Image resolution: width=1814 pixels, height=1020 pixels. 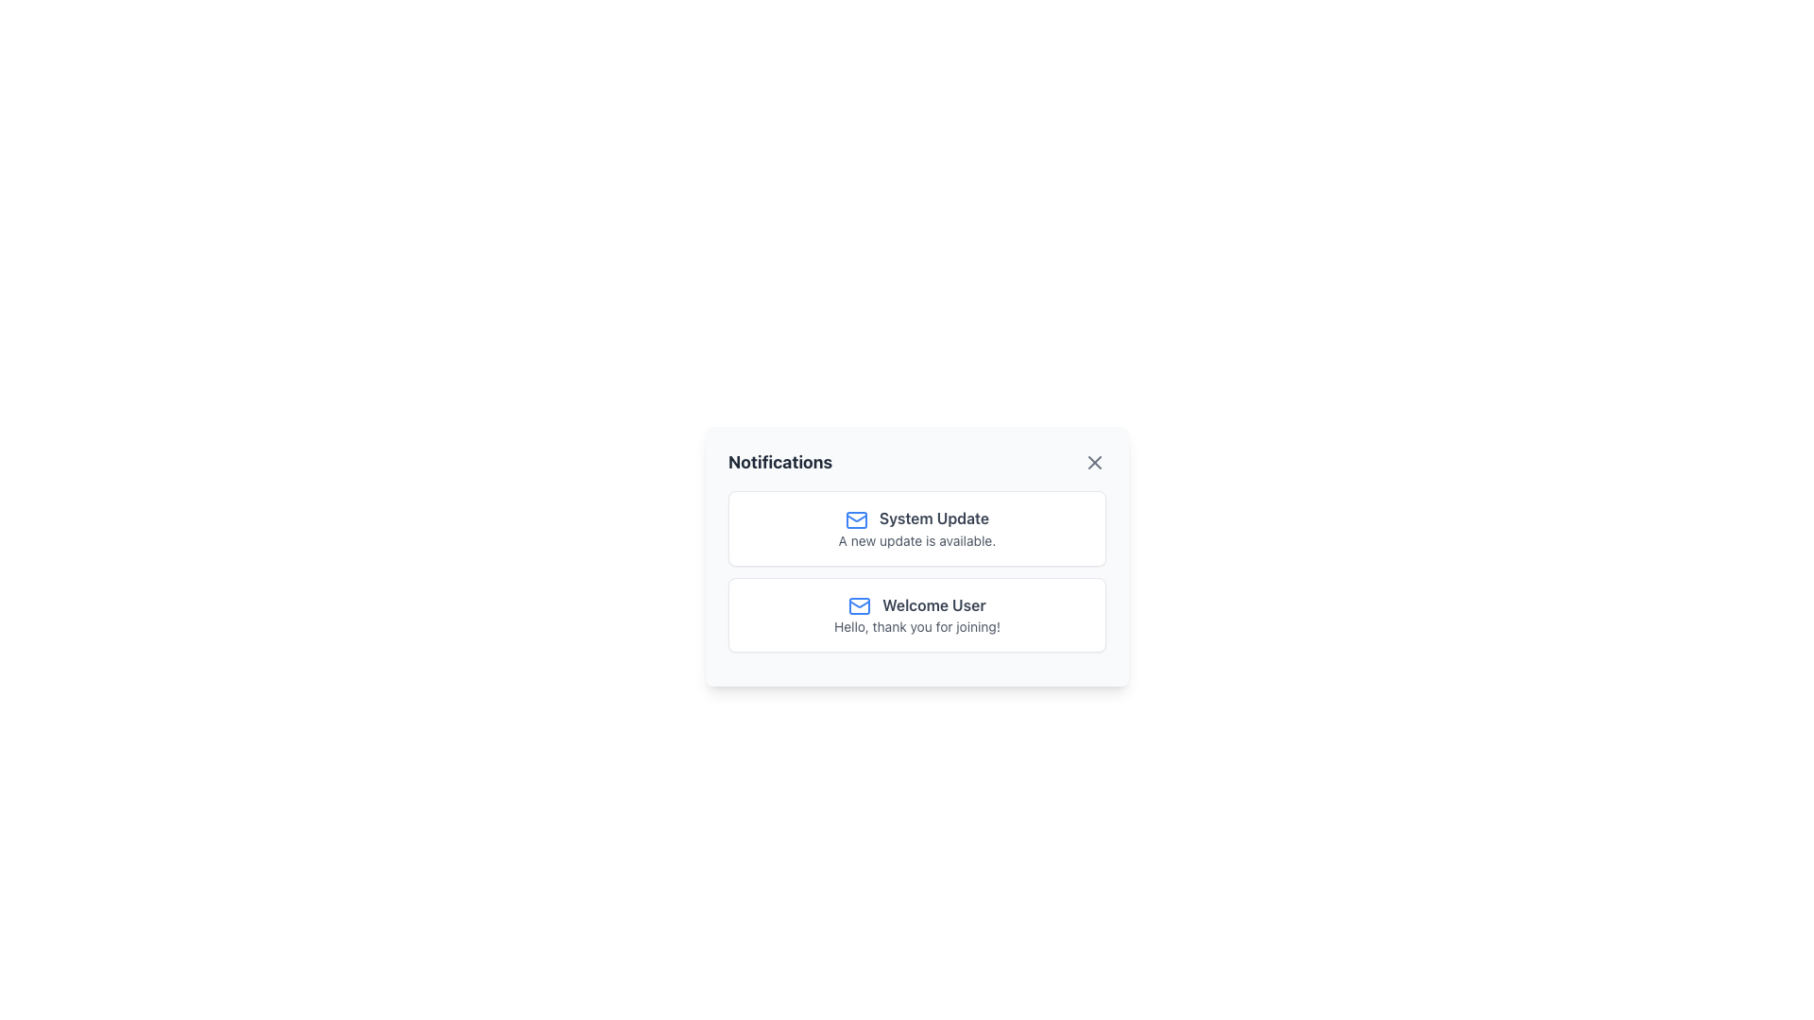 What do you see at coordinates (1094, 462) in the screenshot?
I see `the close icon-style button on the right side of the notification box` at bounding box center [1094, 462].